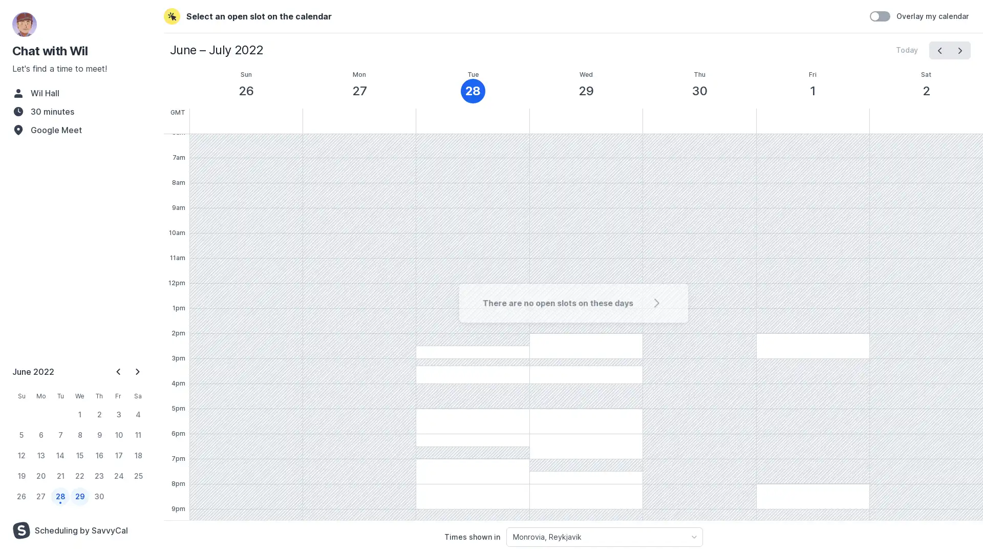 The width and height of the screenshot is (983, 553). What do you see at coordinates (137, 371) in the screenshot?
I see `Next Month` at bounding box center [137, 371].